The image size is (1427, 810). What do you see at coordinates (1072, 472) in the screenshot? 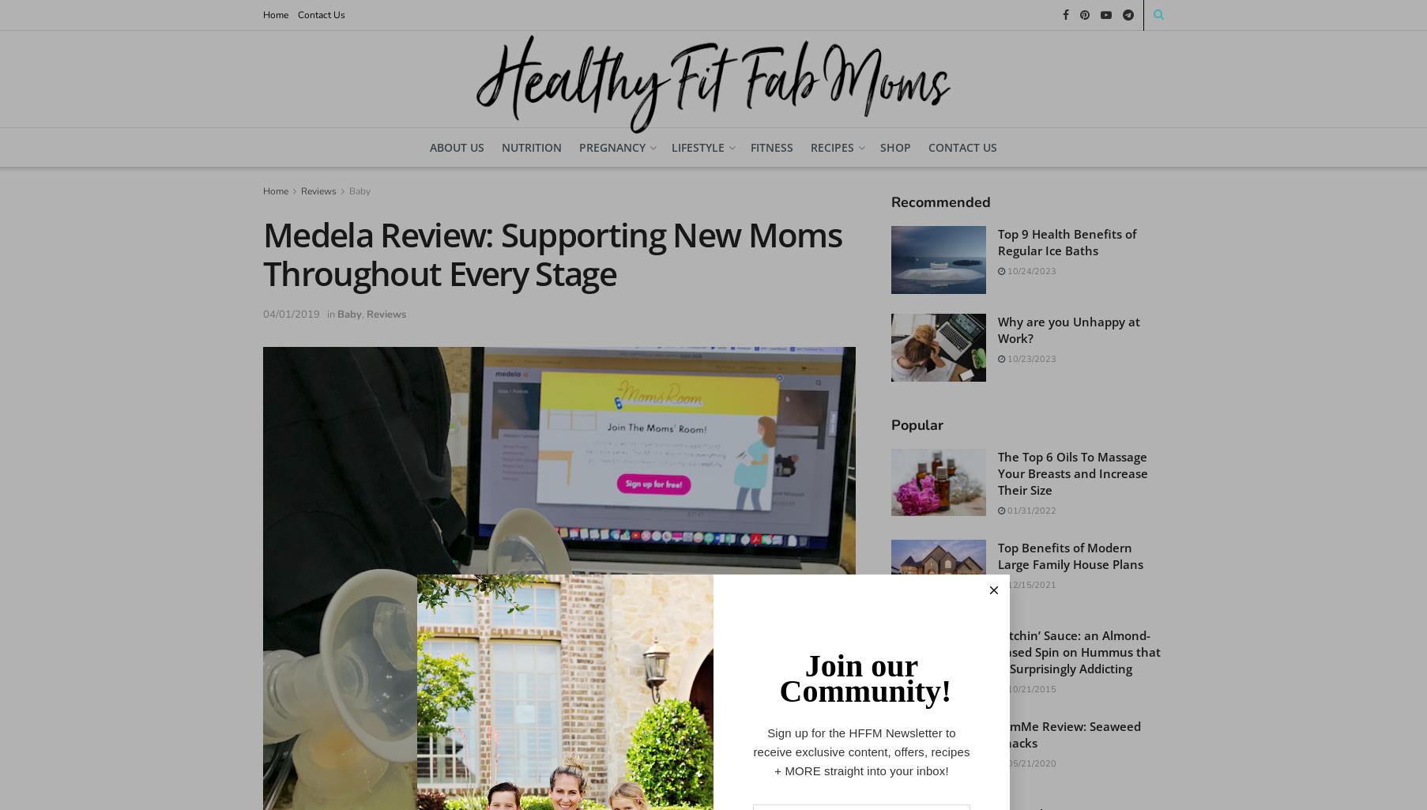
I see `'The Top 6 Oils To Massage Your Breasts and Increase Their Size'` at bounding box center [1072, 472].